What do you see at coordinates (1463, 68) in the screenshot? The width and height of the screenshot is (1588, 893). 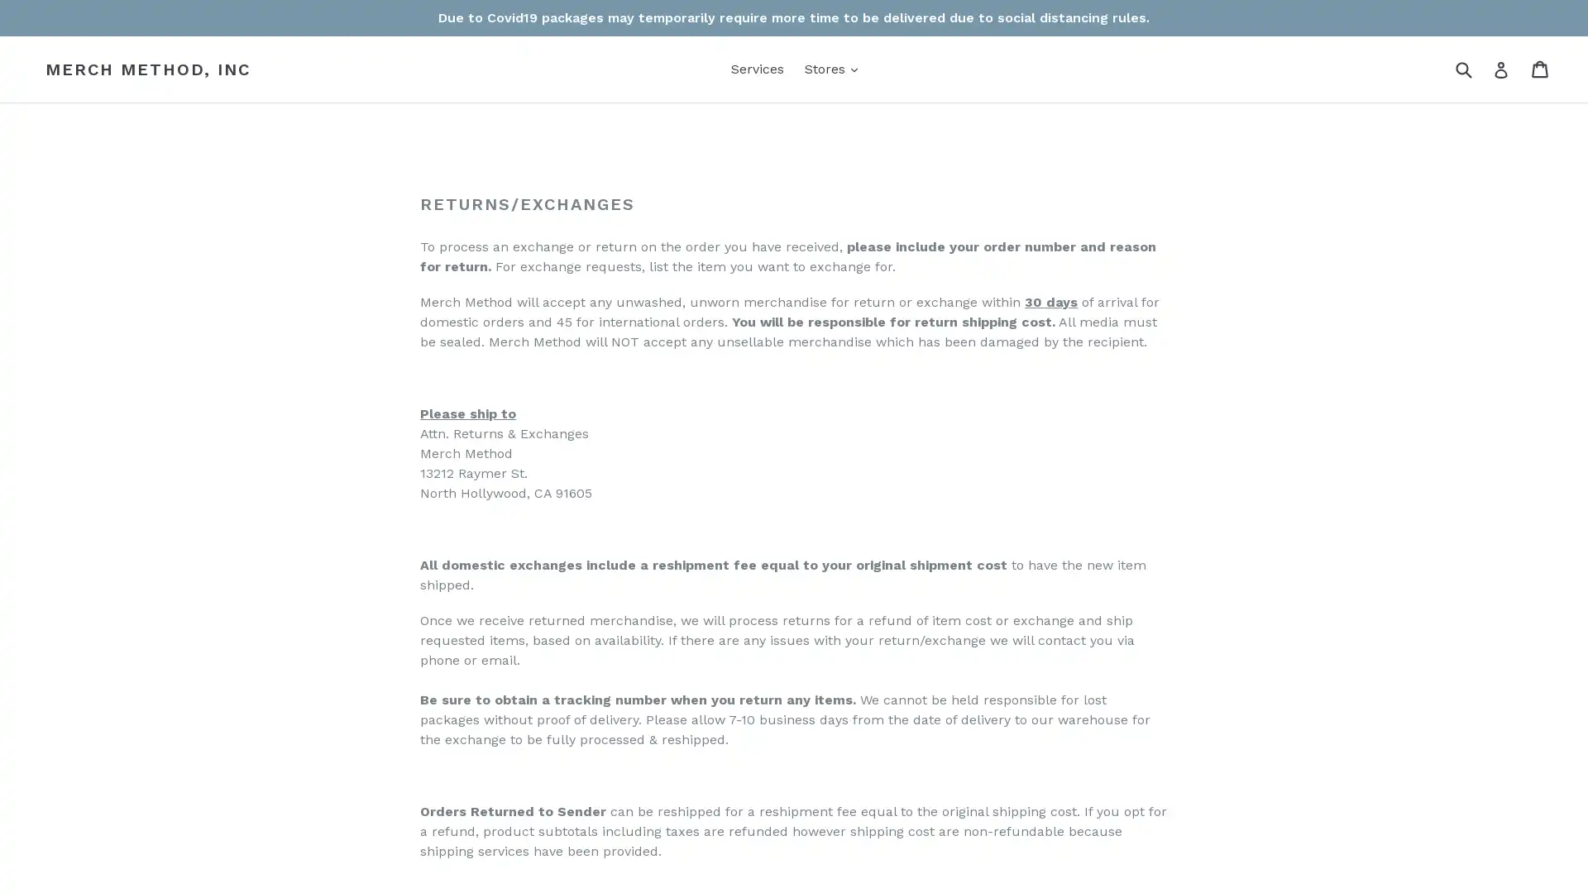 I see `Submit` at bounding box center [1463, 68].